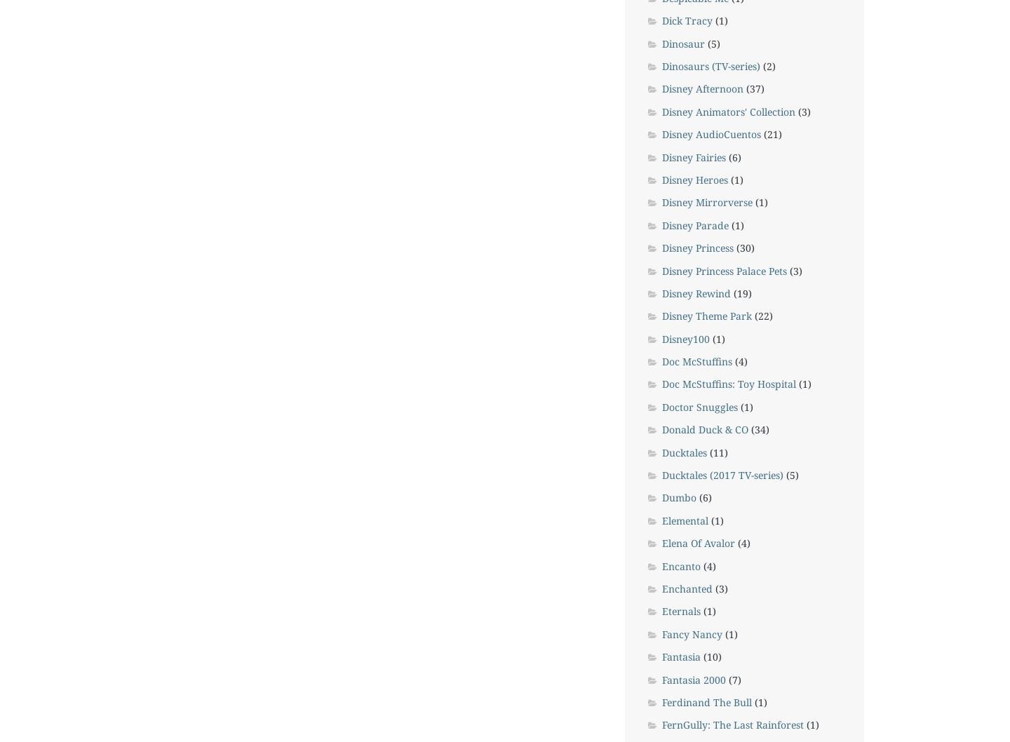 This screenshot has width=1010, height=742. Describe the element at coordinates (661, 474) in the screenshot. I see `'Ducktales (2017 TV-series)'` at that location.